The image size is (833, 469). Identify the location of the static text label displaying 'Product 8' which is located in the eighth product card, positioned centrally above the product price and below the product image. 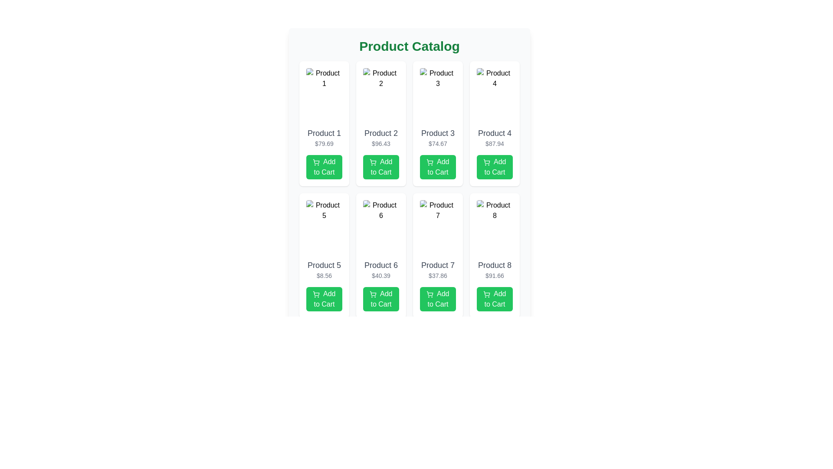
(495, 264).